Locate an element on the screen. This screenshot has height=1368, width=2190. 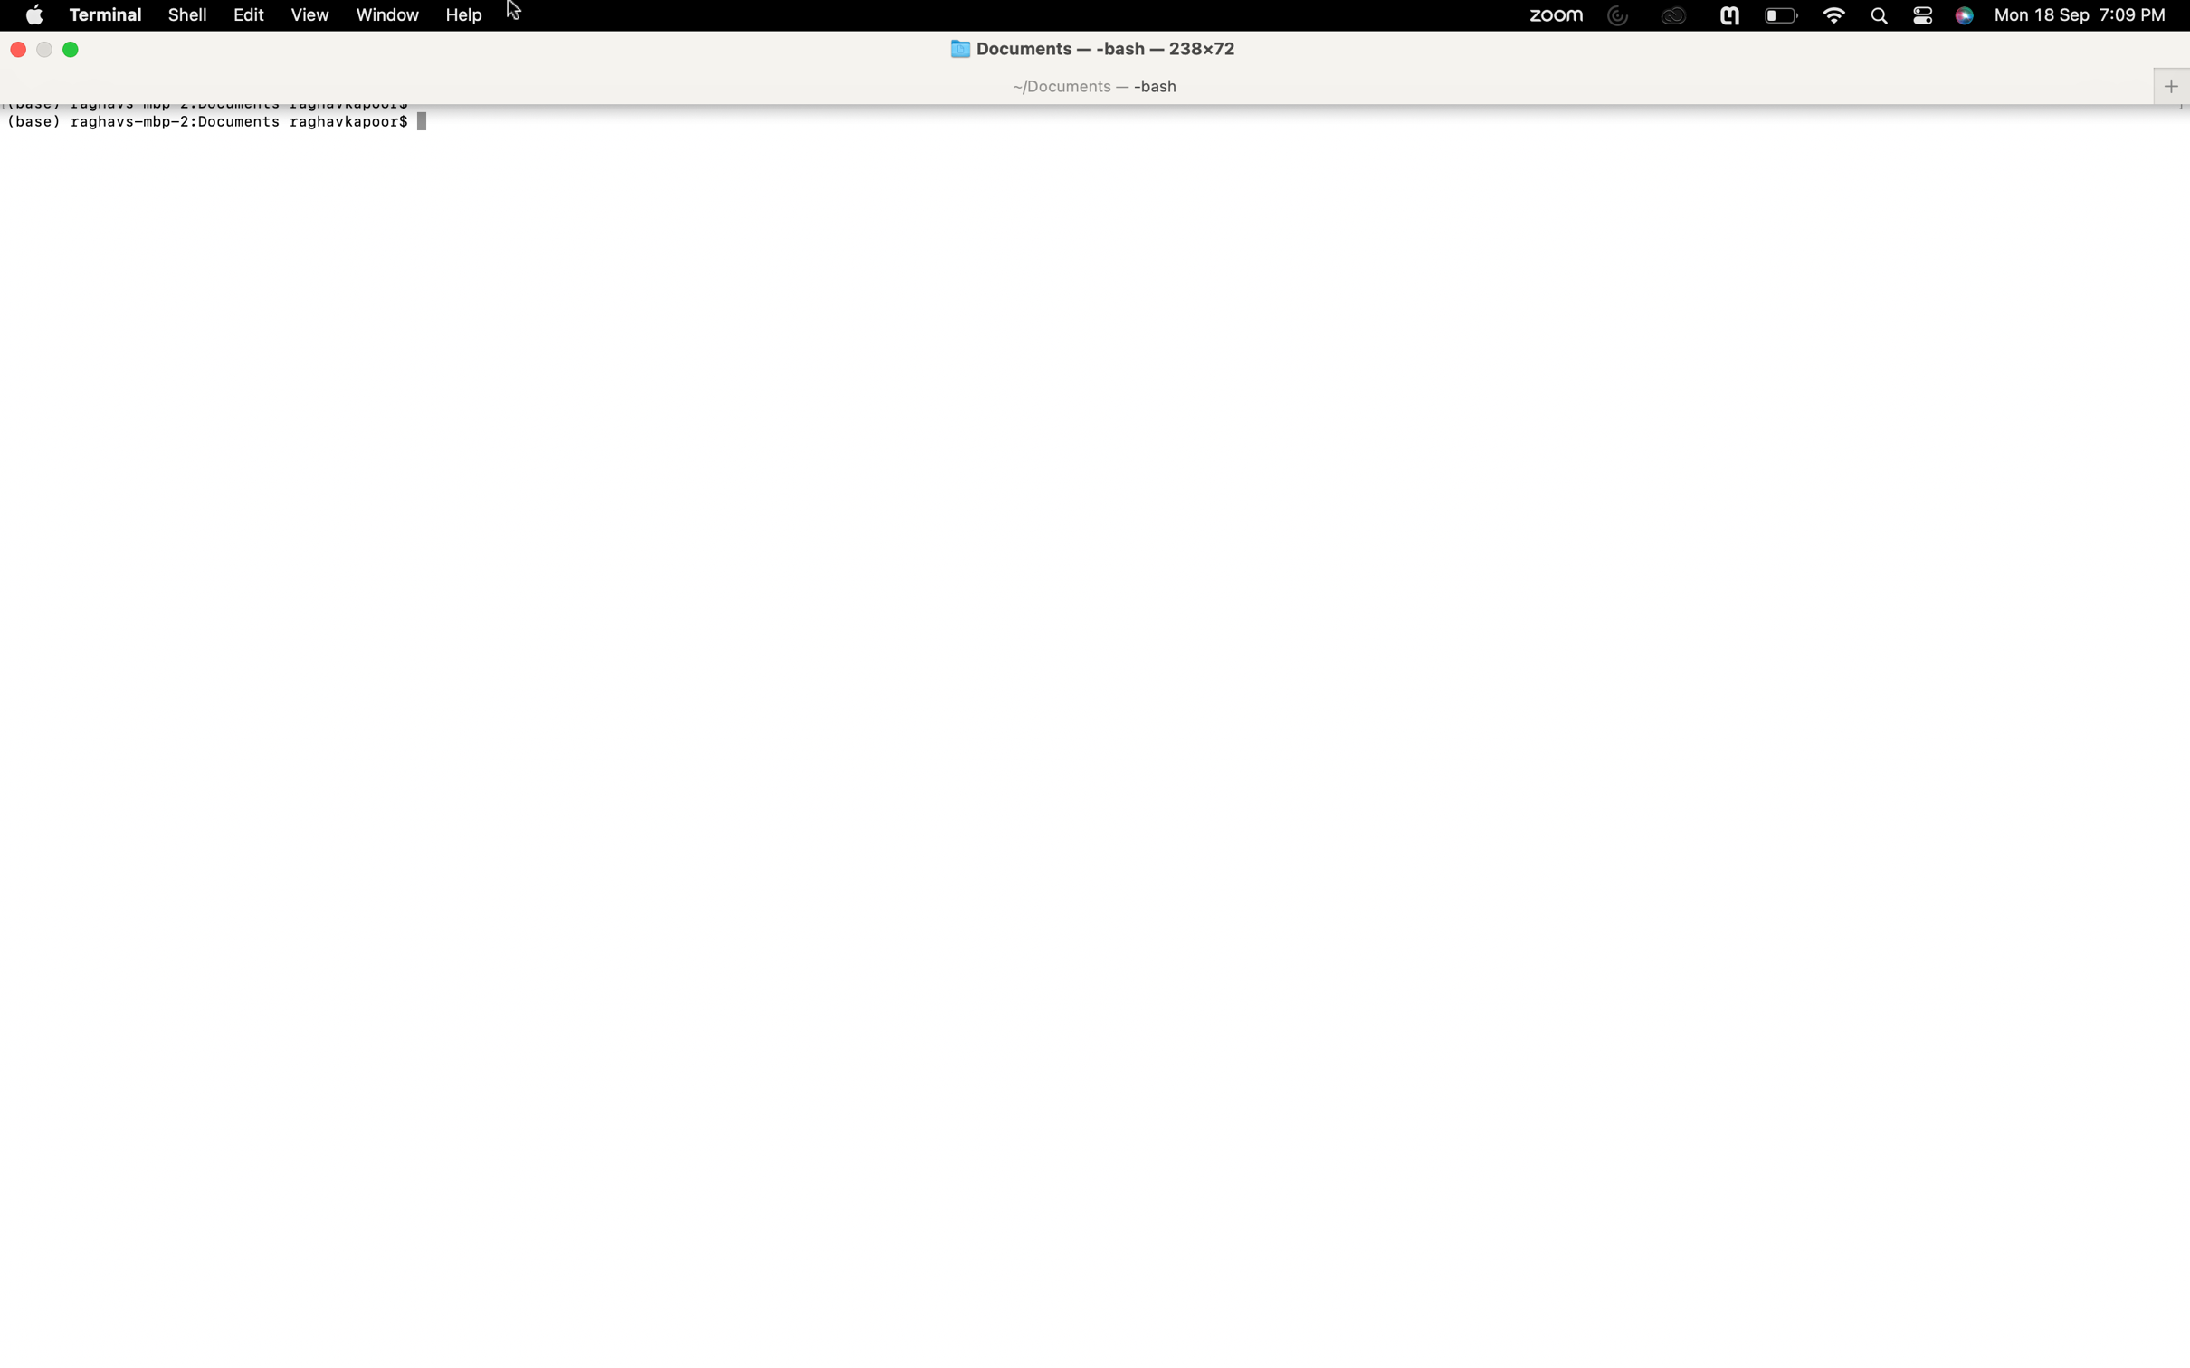
a new terminal window is located at coordinates (107, 15).